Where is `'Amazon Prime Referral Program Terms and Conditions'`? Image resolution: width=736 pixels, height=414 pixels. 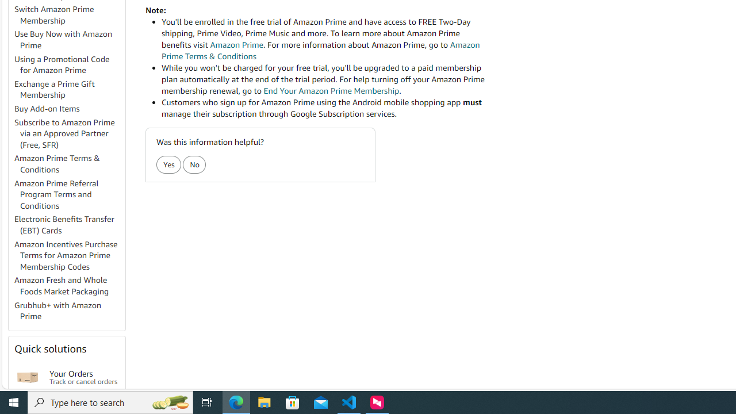
'Amazon Prime Referral Program Terms and Conditions' is located at coordinates (68, 194).